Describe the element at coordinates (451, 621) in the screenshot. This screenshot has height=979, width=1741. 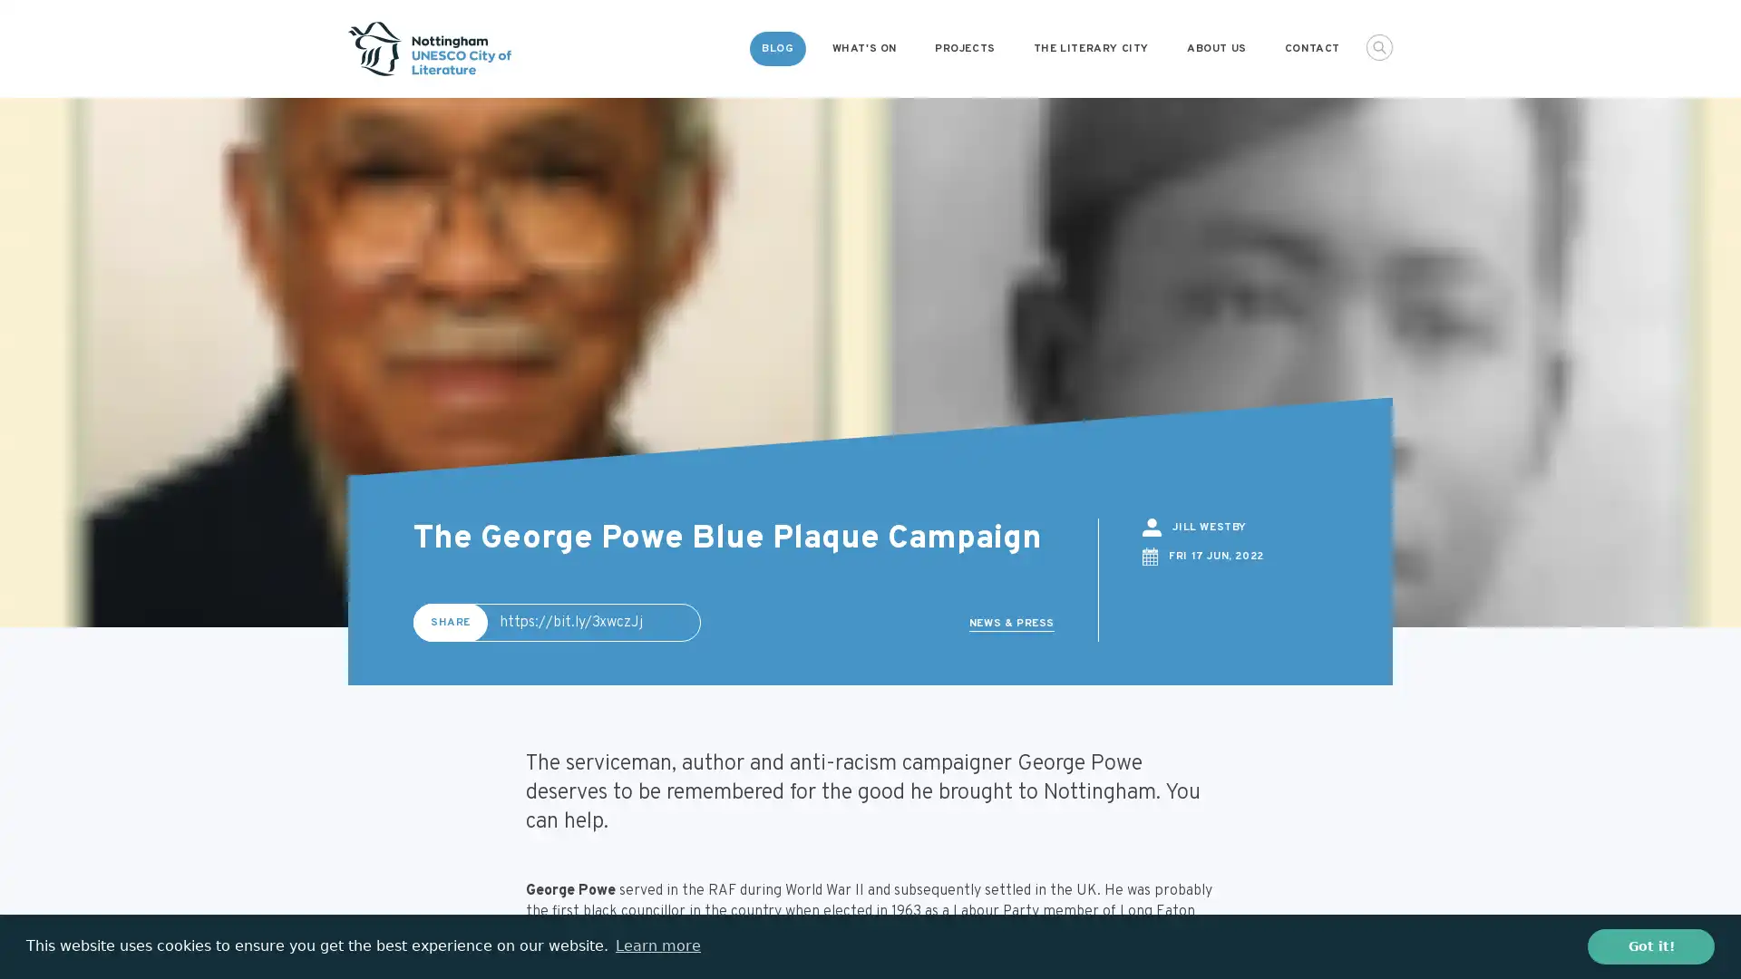
I see `SHARE` at that location.